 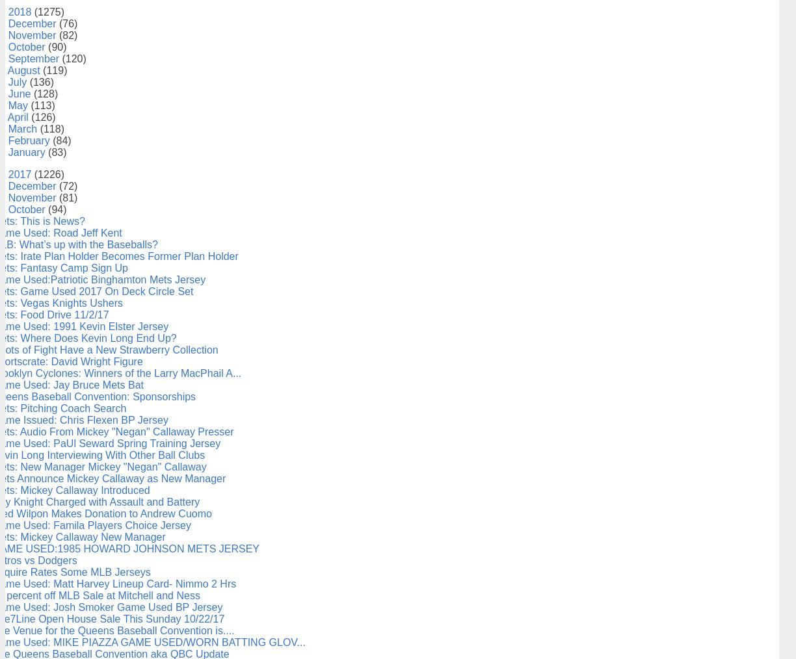 I want to click on '(1226)', so click(x=49, y=174).